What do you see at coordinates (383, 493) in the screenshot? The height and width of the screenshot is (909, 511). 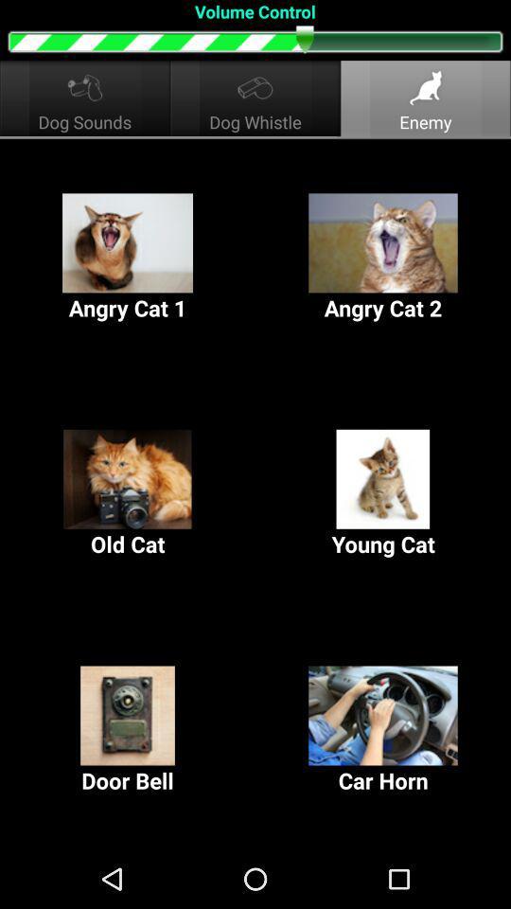 I see `button next to the old cat` at bounding box center [383, 493].